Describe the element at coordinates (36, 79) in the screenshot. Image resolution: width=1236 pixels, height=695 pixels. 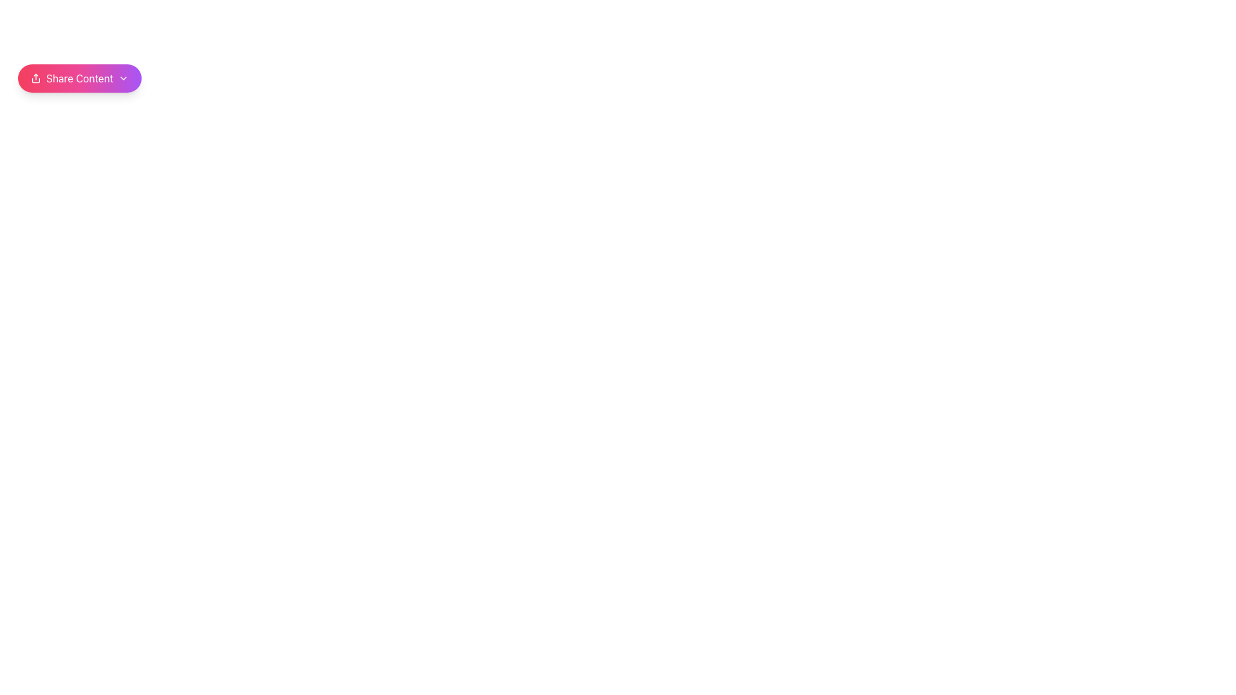
I see `the Share Icon located within the 'Share Content' button at the top-left area of the interface` at that location.